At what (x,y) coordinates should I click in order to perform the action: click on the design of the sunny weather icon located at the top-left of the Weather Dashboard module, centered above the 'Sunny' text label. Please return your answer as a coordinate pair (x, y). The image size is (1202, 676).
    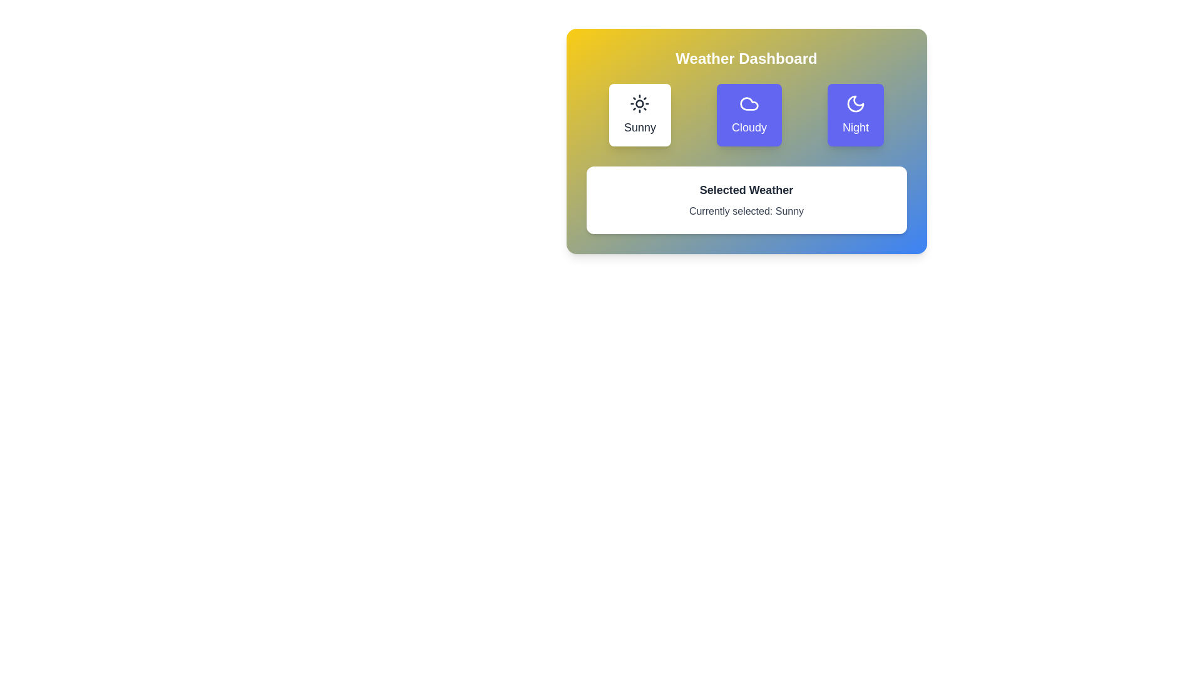
    Looking at the image, I should click on (640, 103).